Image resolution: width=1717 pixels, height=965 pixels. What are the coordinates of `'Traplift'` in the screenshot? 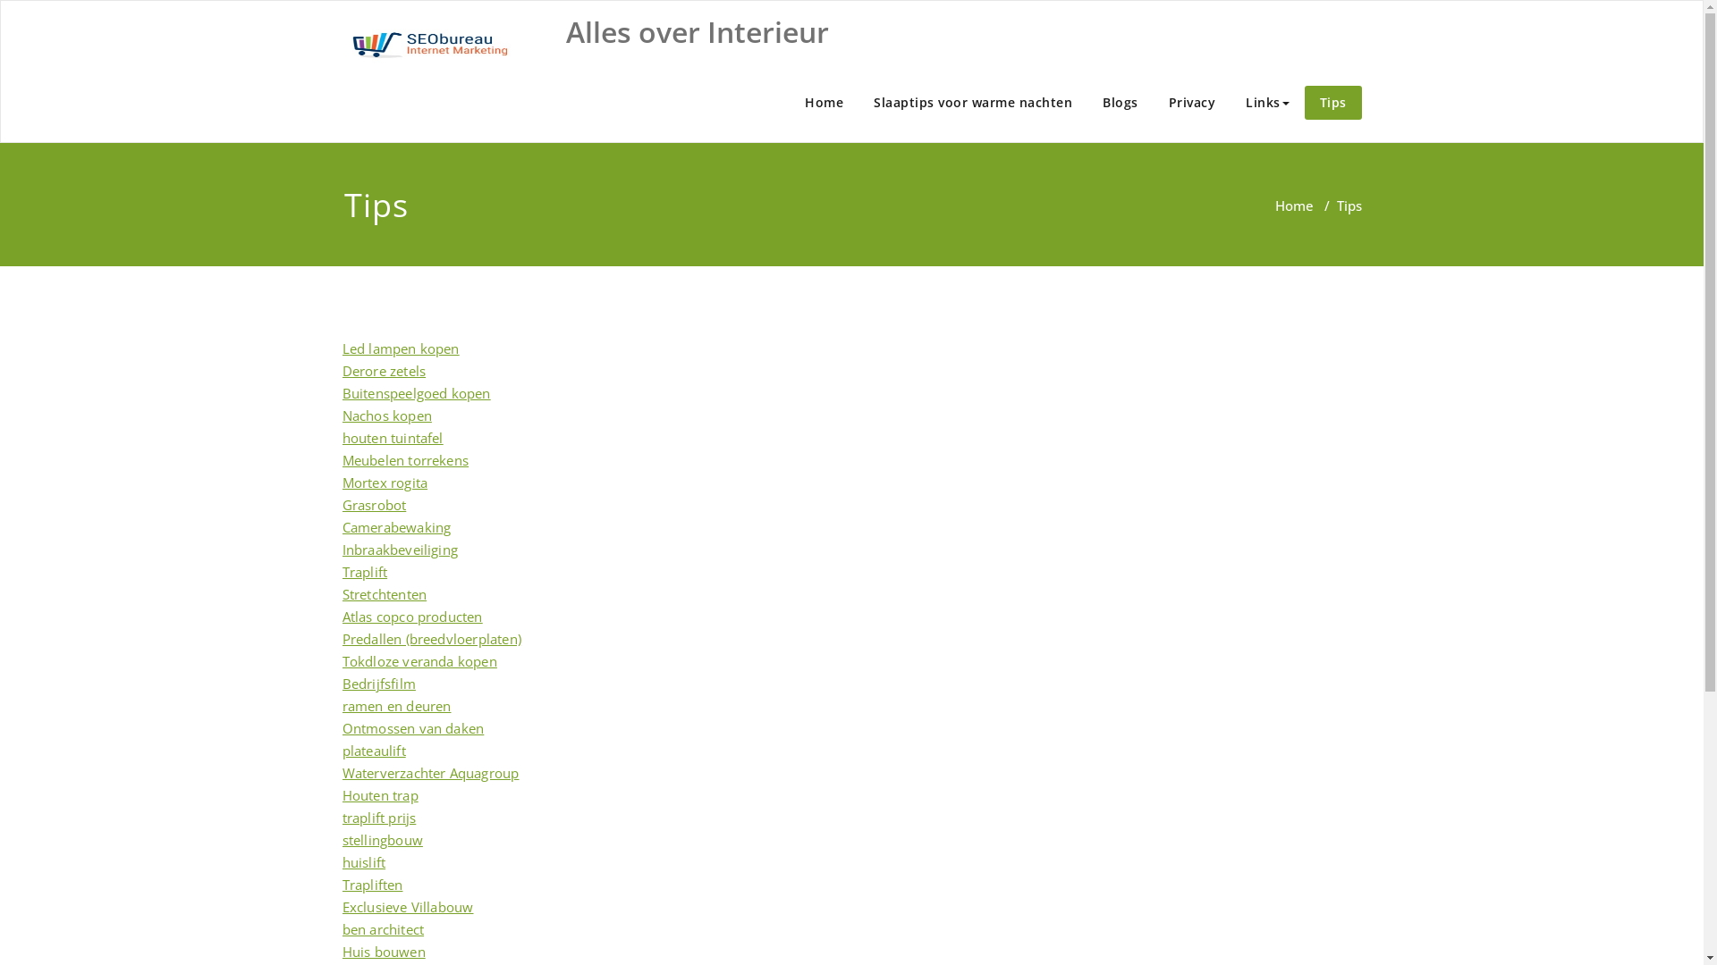 It's located at (363, 572).